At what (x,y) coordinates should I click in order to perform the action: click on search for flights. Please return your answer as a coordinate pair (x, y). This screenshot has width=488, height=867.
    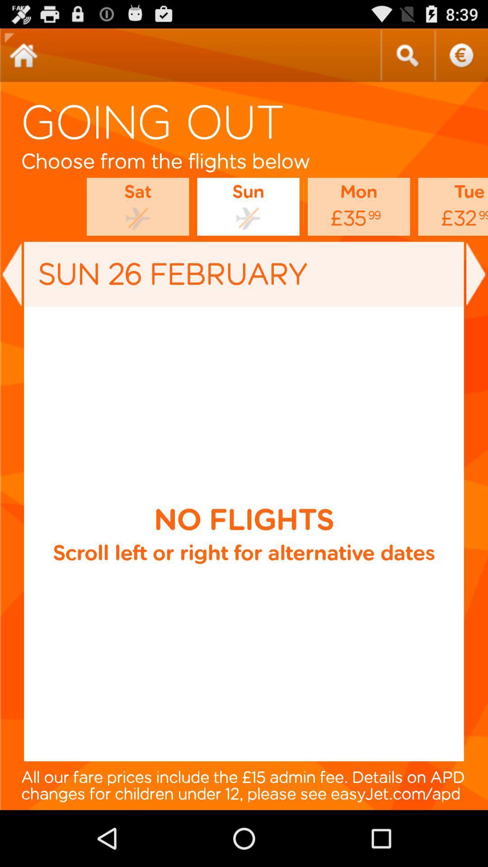
    Looking at the image, I should click on (407, 55).